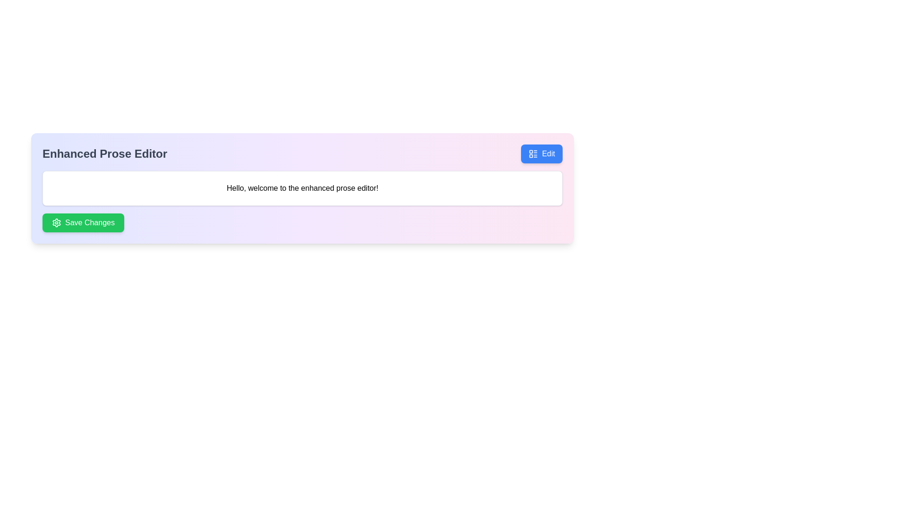  What do you see at coordinates (56, 222) in the screenshot?
I see `the settings icon located to the left of the 'Save Changes' text in the button` at bounding box center [56, 222].